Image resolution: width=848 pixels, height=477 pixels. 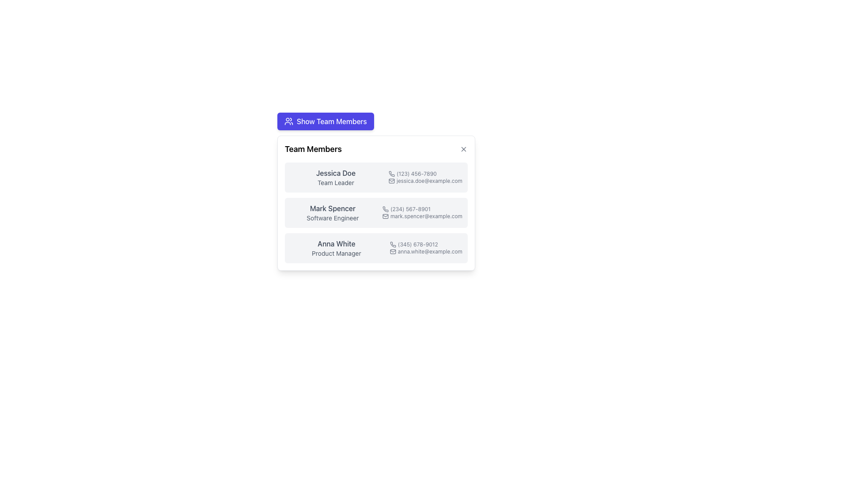 I want to click on the email address 'anna.white@example.com' displayed in small gray font, located in the third section of the 'Team Members' list, below 'Anna White' and her phone number, so click(x=426, y=252).